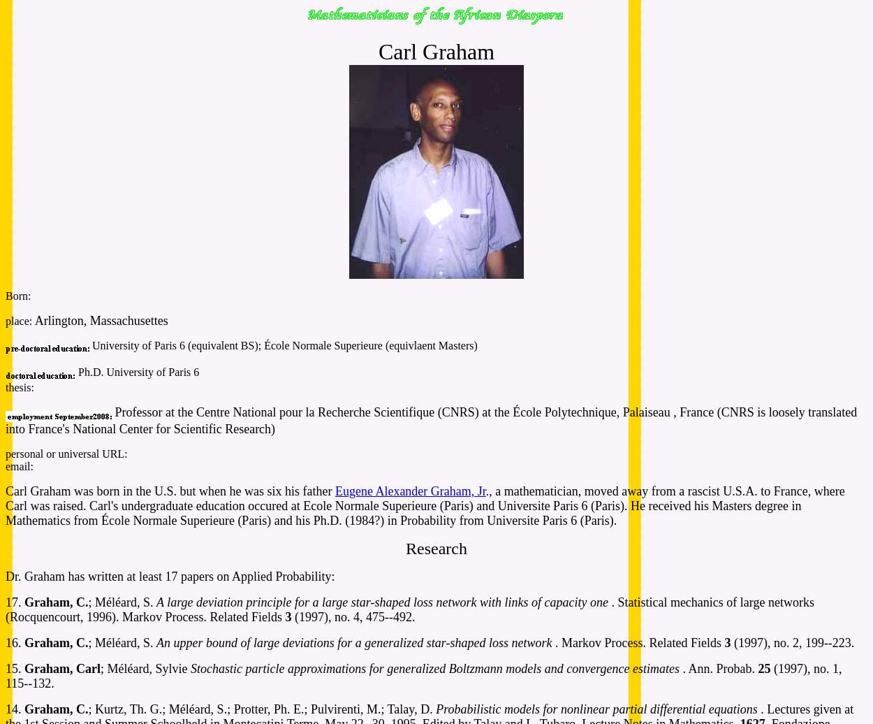 The image size is (873, 724). I want to click on 'An upper bound of large deviations for a generalized star-shaped
loss network', so click(155, 642).